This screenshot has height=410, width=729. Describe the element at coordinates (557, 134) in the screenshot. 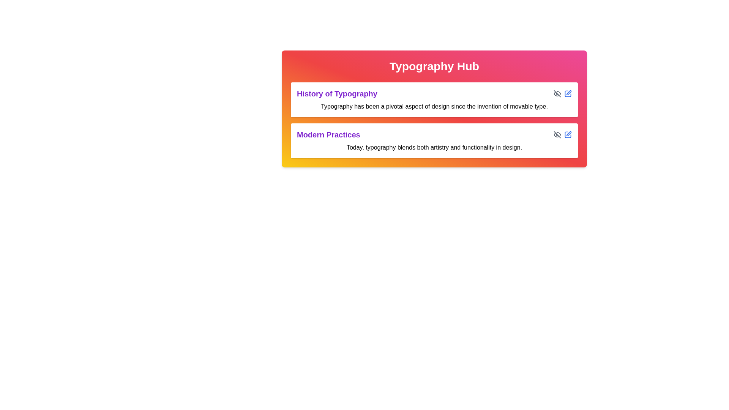

I see `the leftmost icon representing a crossed-out eye, which is used to indicate a 'hide' or 'view hidden' function` at that location.